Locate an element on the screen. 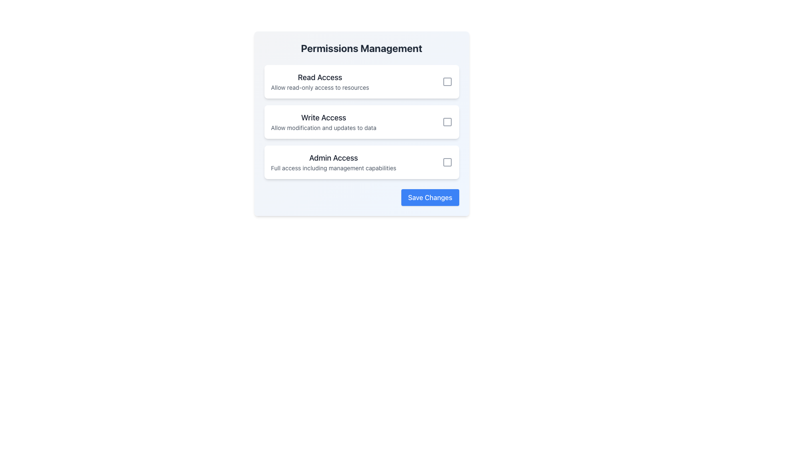 The image size is (806, 453). the Text Label that serves as the title for the section describing read-only access permissions, located in the top left corner of the Permissions Management section is located at coordinates (319, 78).